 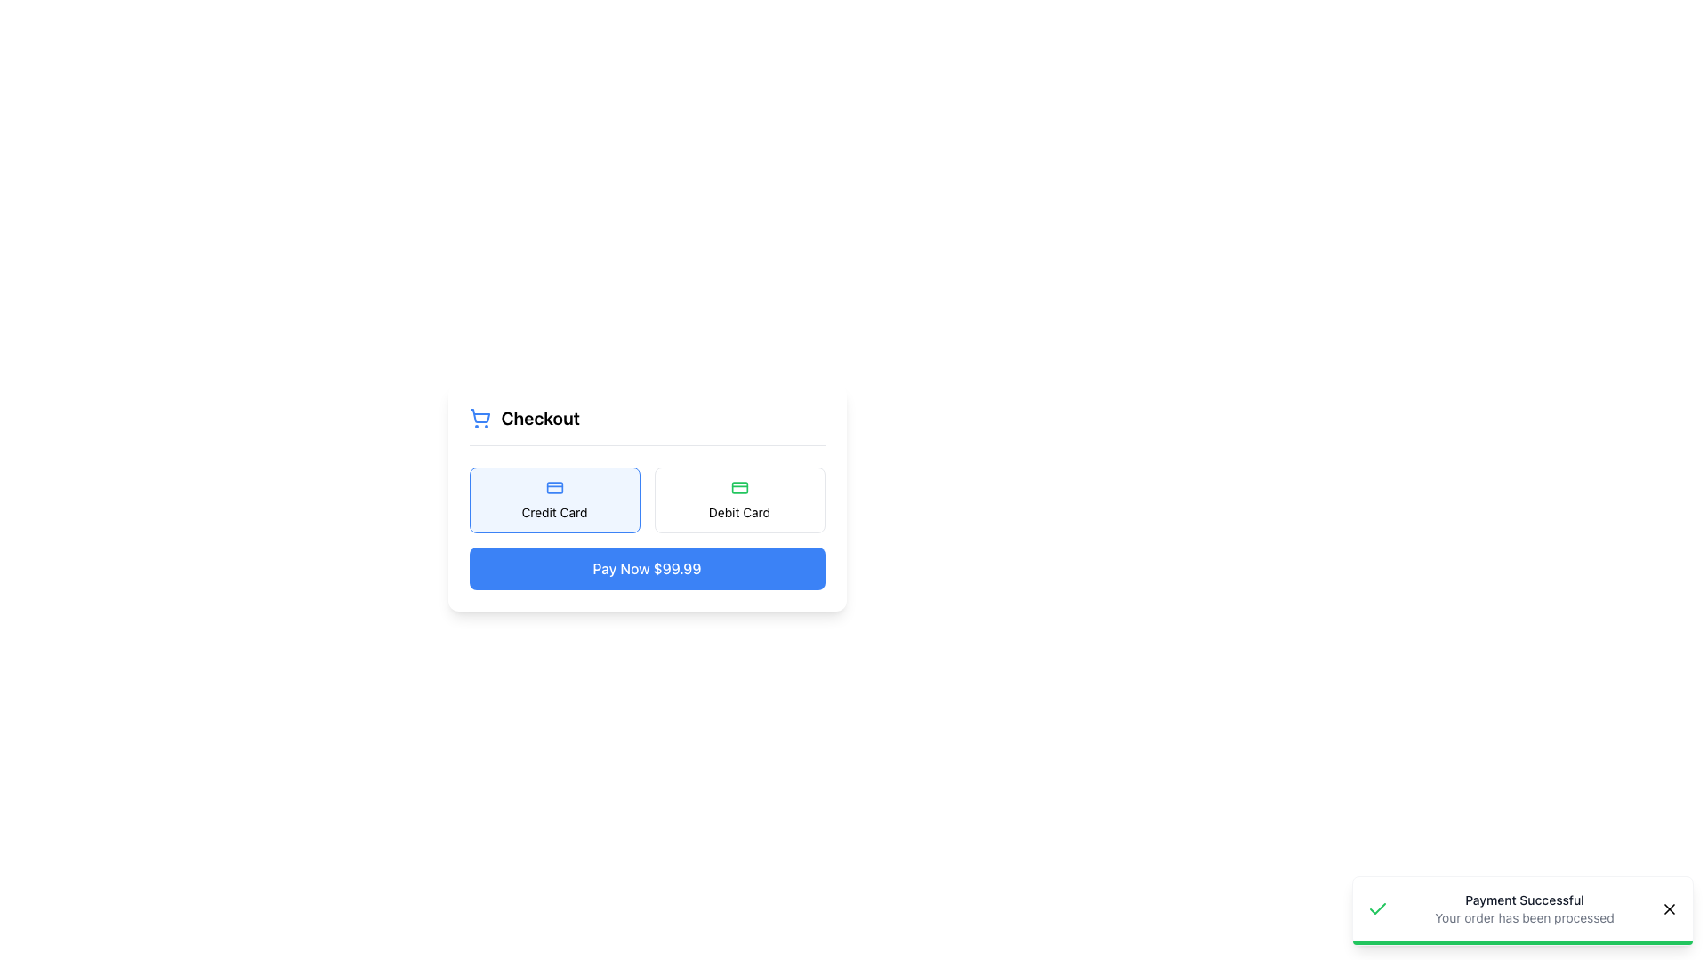 I want to click on the 'Pay Now $99.99' button with a vibrant blue background, so click(x=646, y=569).